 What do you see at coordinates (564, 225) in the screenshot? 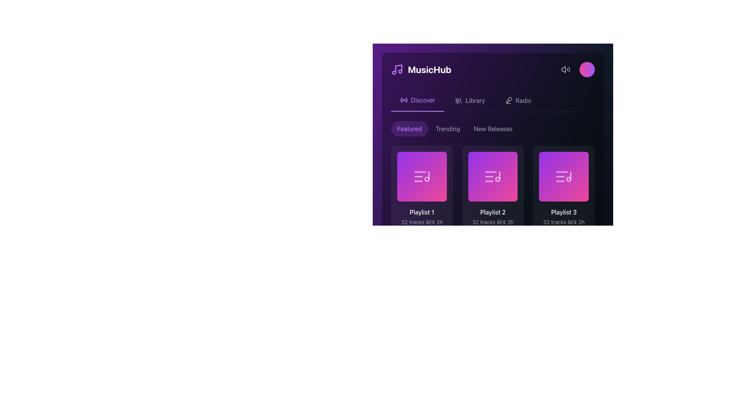
I see `text label displaying the duration and number of tracks for the playlist, which is located underneath 'Playlist 3'` at bounding box center [564, 225].